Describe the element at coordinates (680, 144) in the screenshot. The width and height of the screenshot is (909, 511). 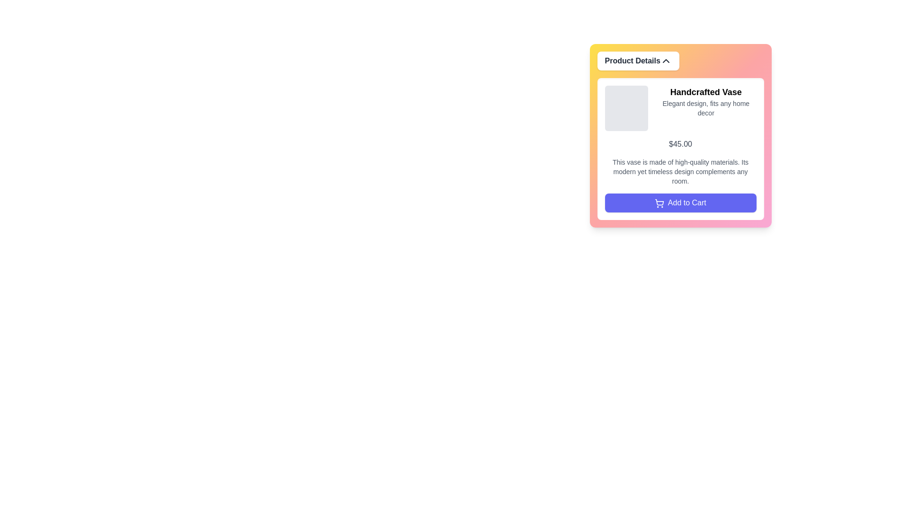
I see `the text label displaying the product price, which is located beneath the brief description and above the detailed paragraph about materials and design` at that location.